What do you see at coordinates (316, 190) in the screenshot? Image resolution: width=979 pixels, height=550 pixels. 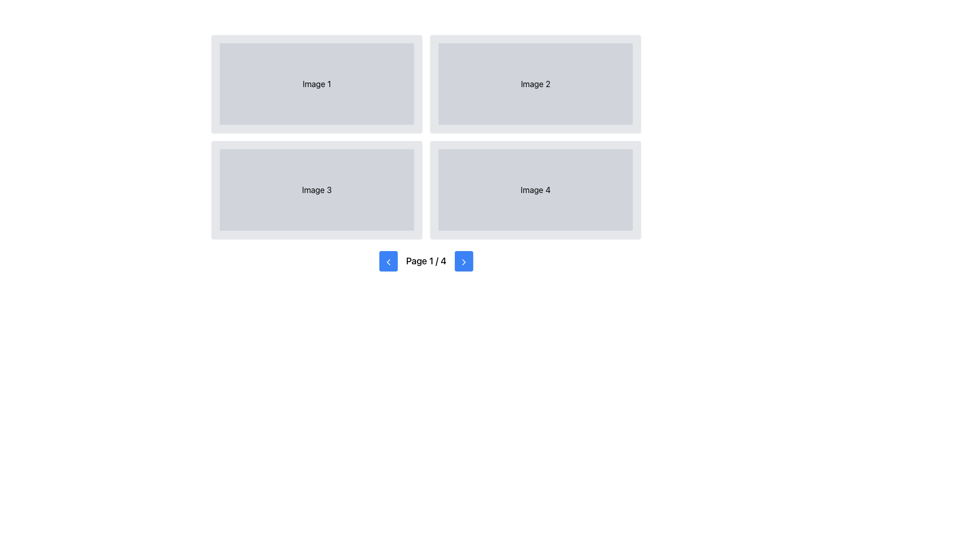 I see `the Static display card which is a gray card-like rectangle with rounded corners and shadow effect containing the text 'Image 3' in black, located in the second row and first column of a 2x2 grid` at bounding box center [316, 190].